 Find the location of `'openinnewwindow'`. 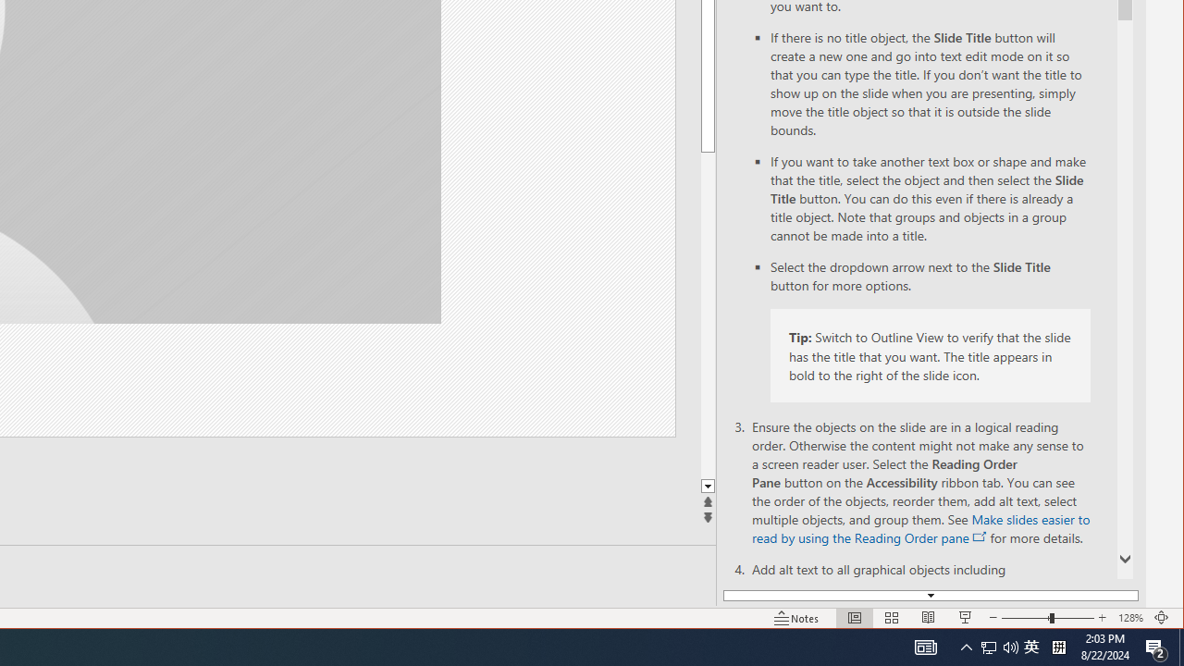

'openinnewwindow' is located at coordinates (979, 537).